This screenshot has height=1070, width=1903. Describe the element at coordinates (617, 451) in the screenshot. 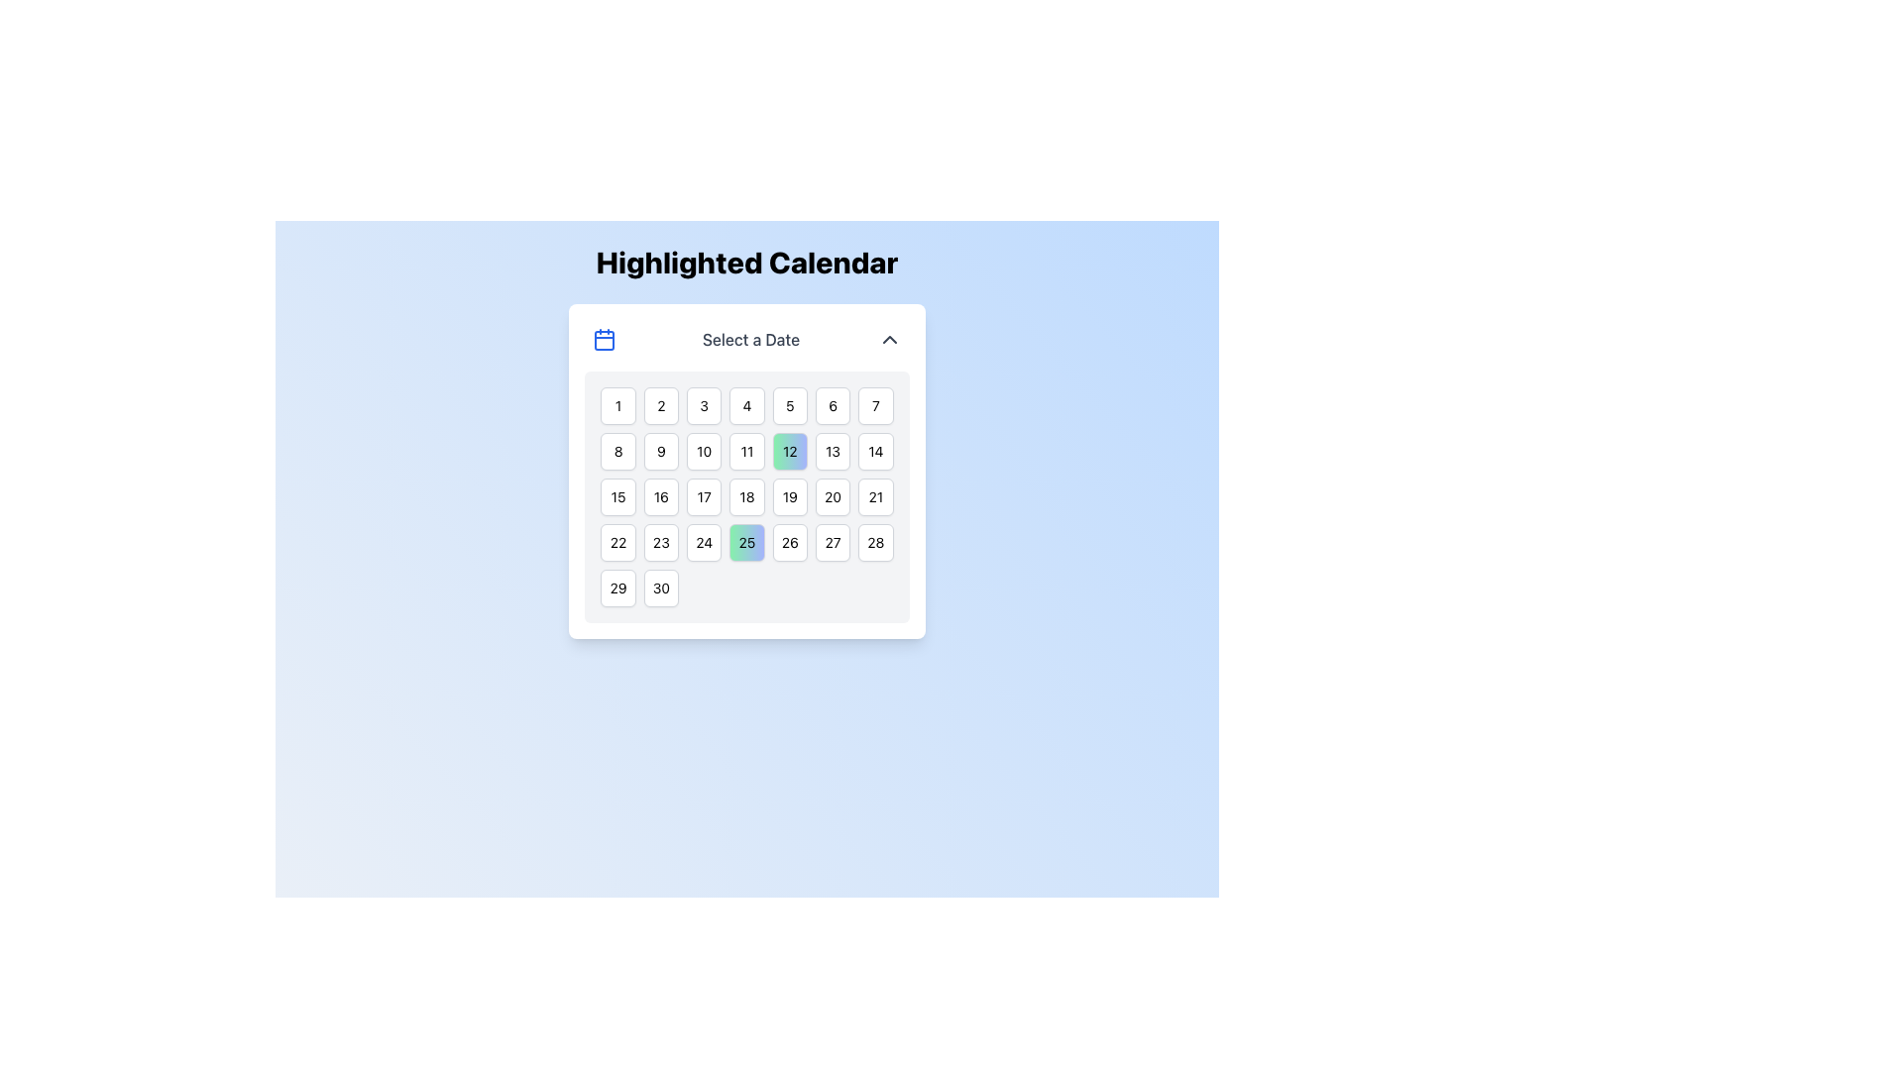

I see `the calendar day selector button for the 8th day of the month` at that location.